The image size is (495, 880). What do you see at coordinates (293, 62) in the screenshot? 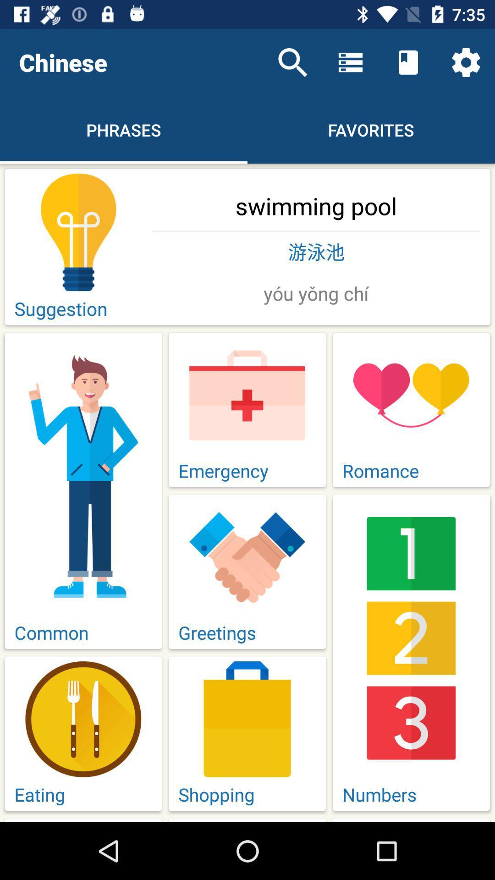
I see `the item above the swimming pool` at bounding box center [293, 62].